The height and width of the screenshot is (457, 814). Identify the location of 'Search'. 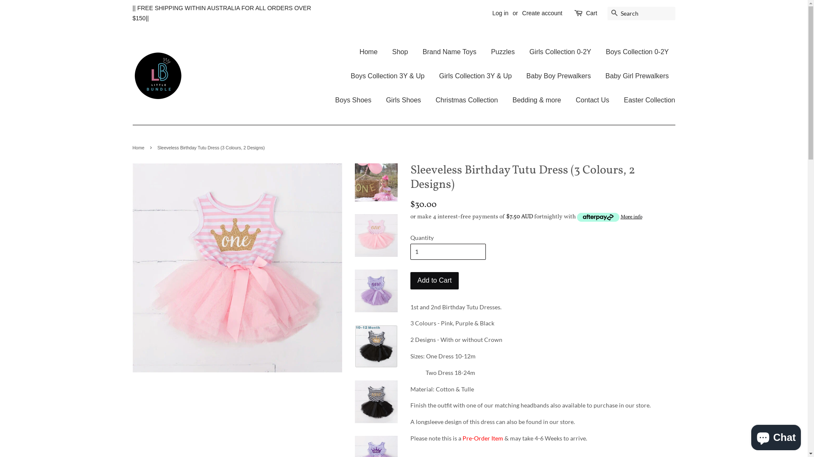
(614, 14).